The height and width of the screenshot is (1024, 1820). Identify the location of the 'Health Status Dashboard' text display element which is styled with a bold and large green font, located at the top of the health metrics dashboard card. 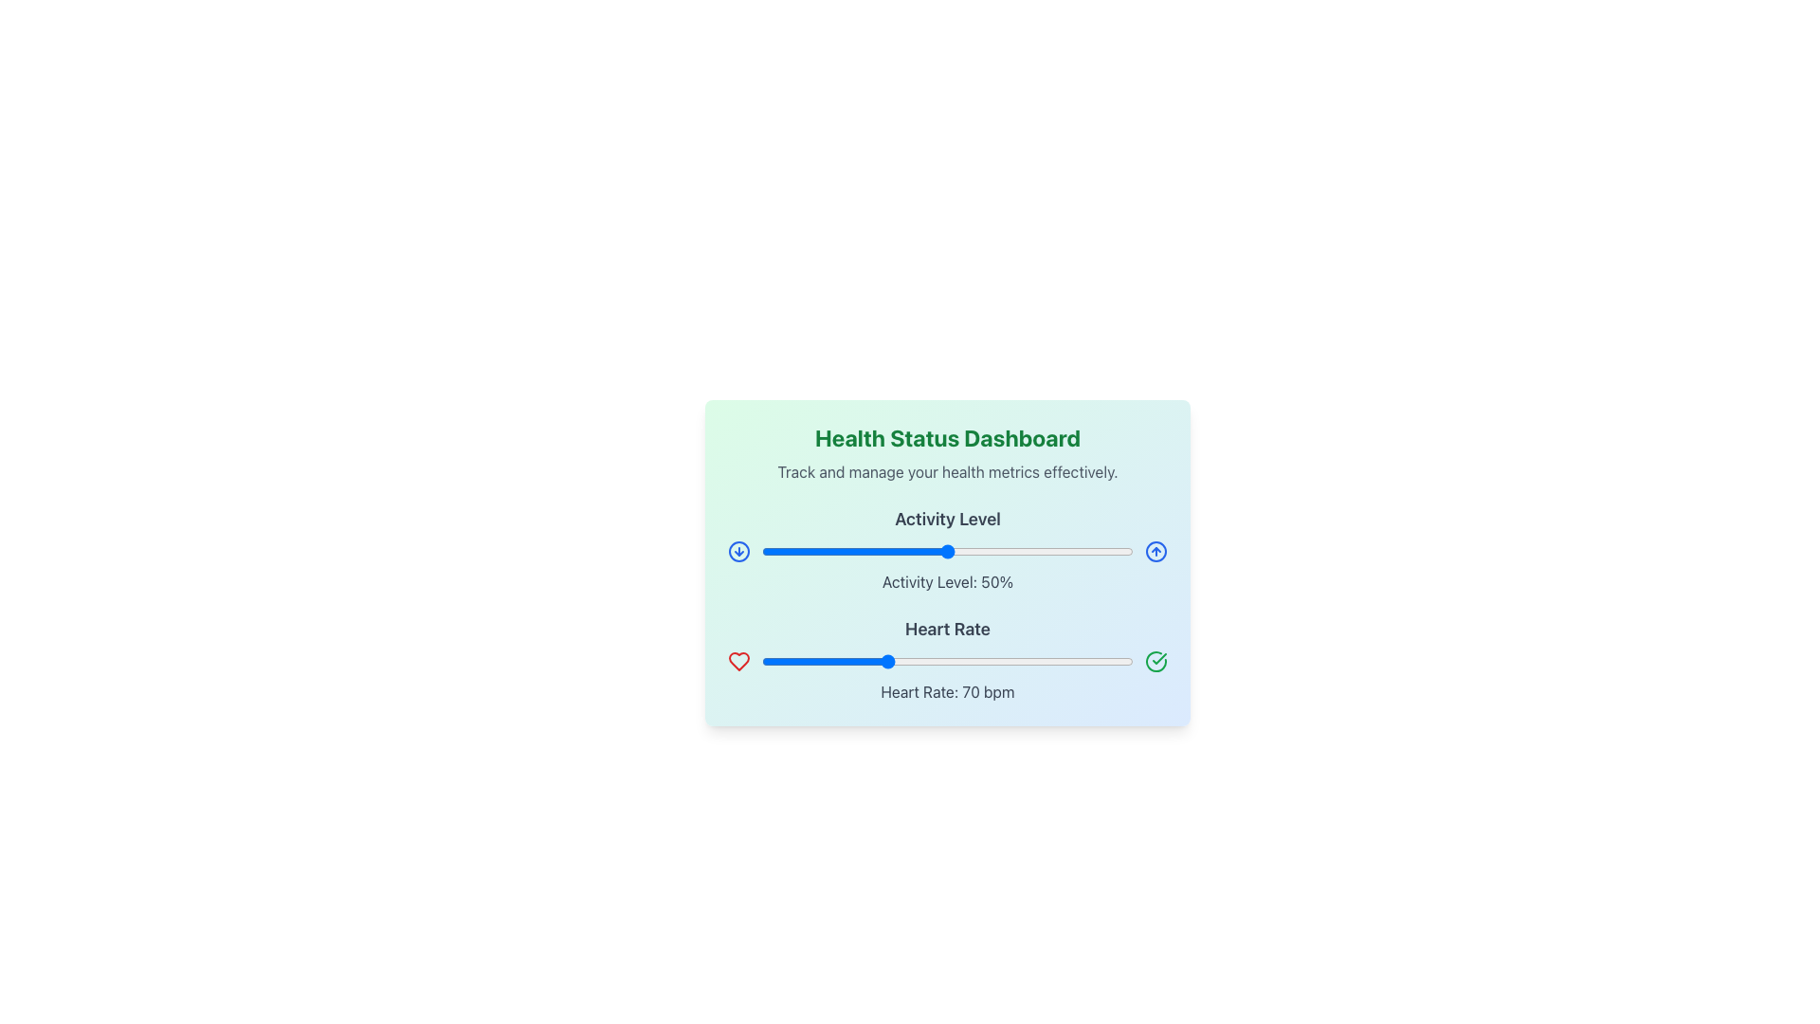
(947, 438).